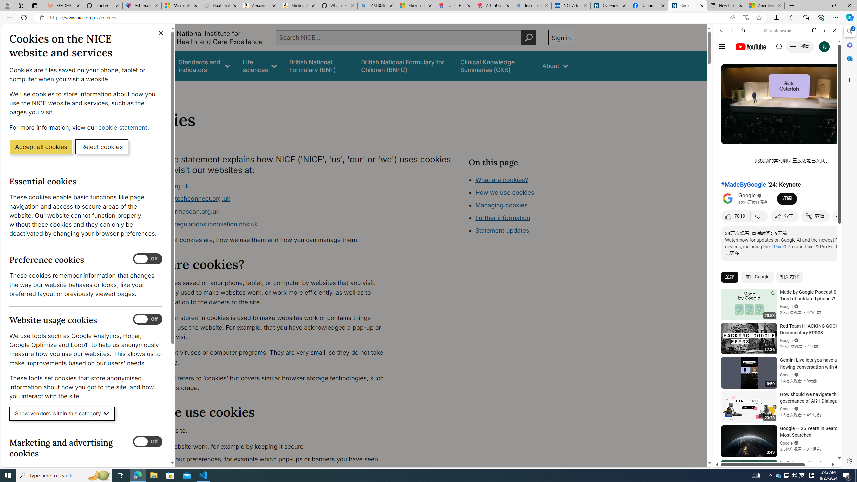 This screenshot has width=857, height=482. Describe the element at coordinates (501, 179) in the screenshot. I see `'What are cookies?'` at that location.